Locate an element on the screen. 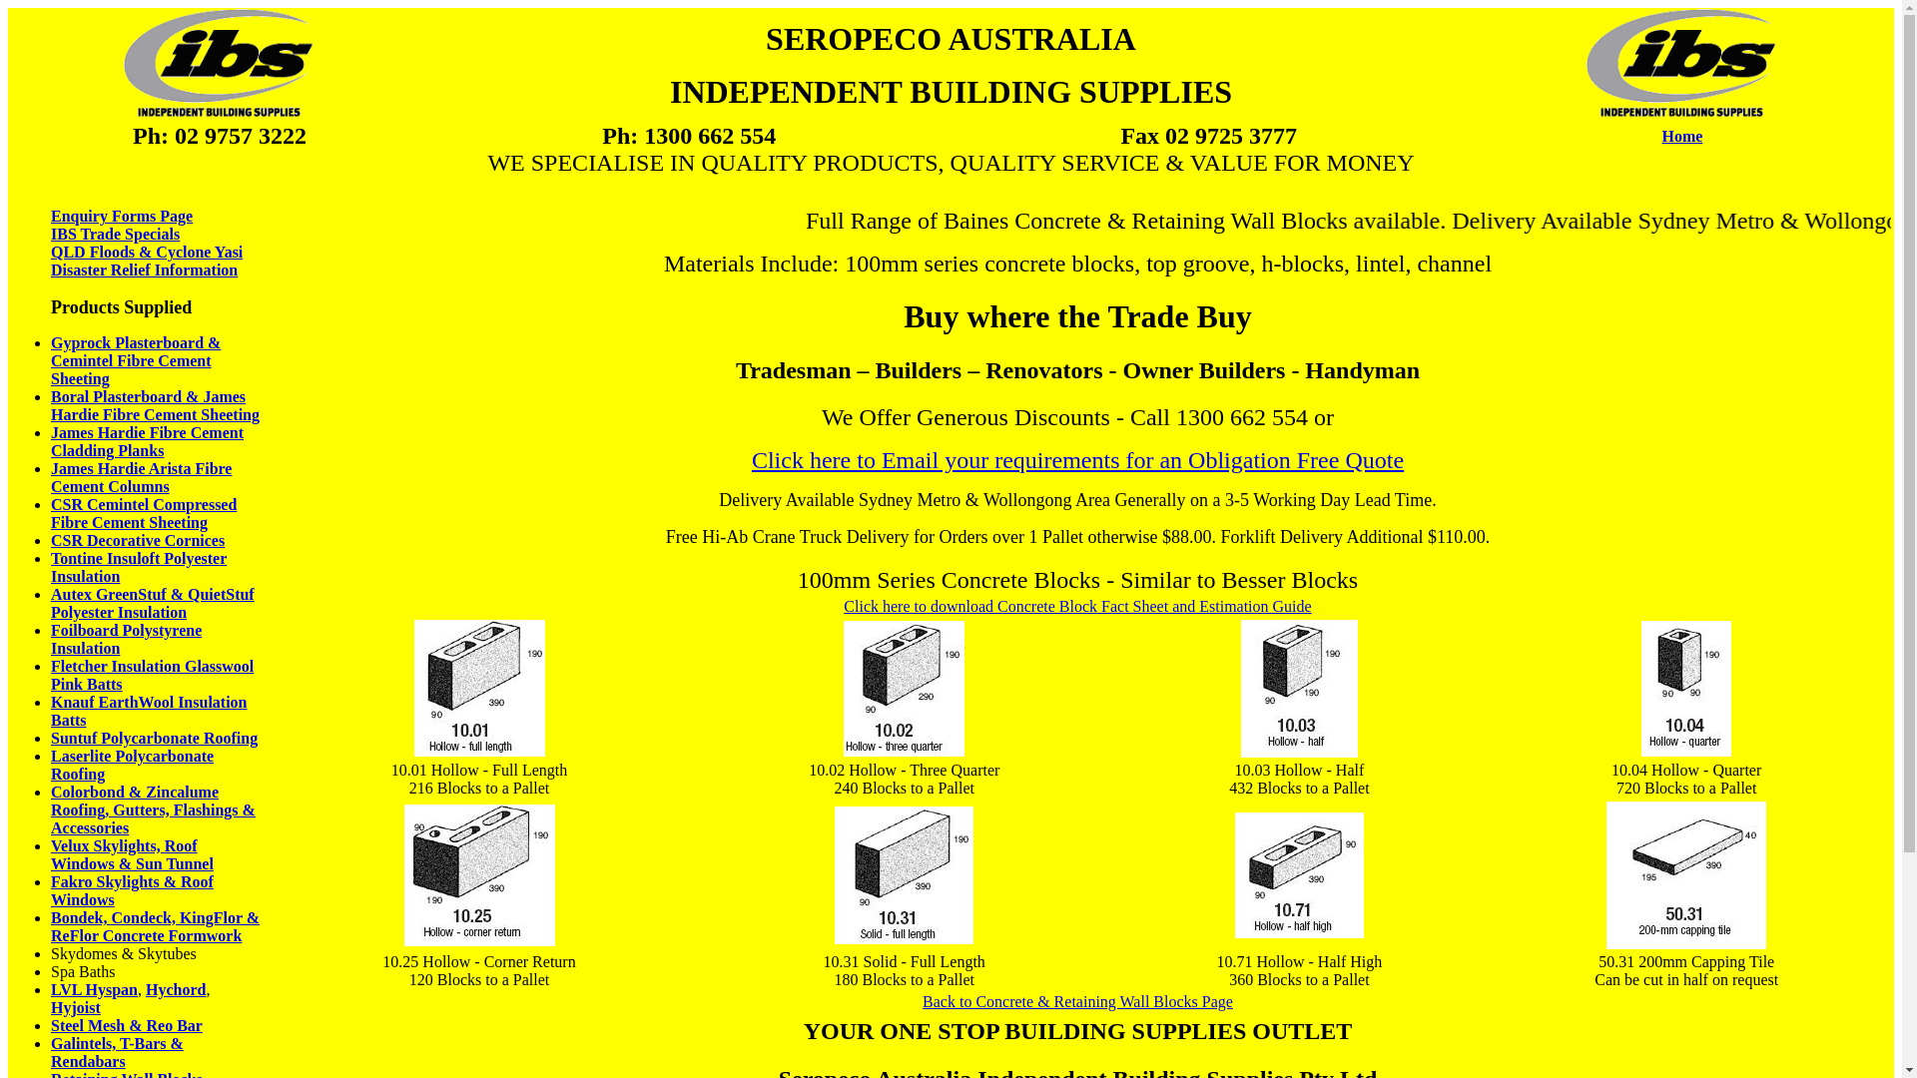  'Hyjoist' is located at coordinates (76, 1007).